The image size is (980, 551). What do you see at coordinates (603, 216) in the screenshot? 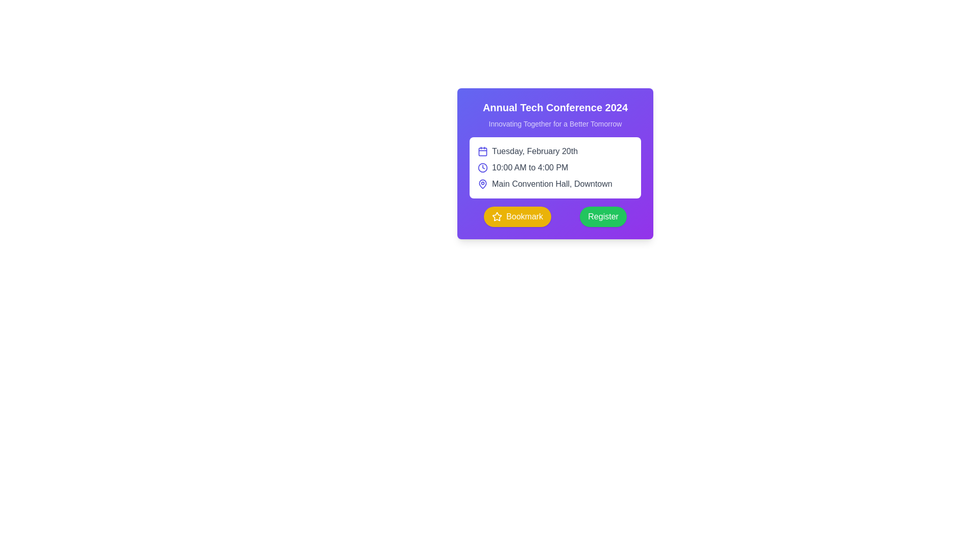
I see `the 'Register' button, which is a rounded rectangle with white text on a green background, located within the purple card at the bottom right of the card, to initiate the registration process` at bounding box center [603, 216].